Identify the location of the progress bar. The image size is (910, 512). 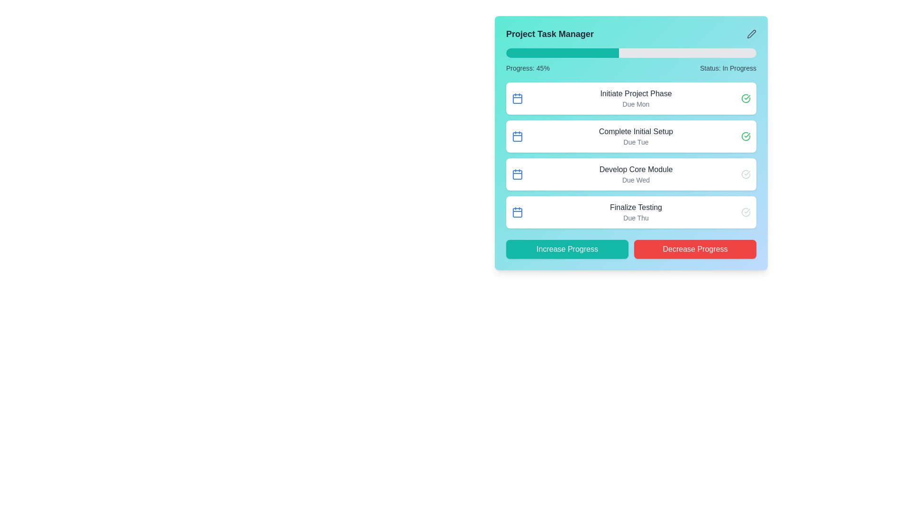
(596, 53).